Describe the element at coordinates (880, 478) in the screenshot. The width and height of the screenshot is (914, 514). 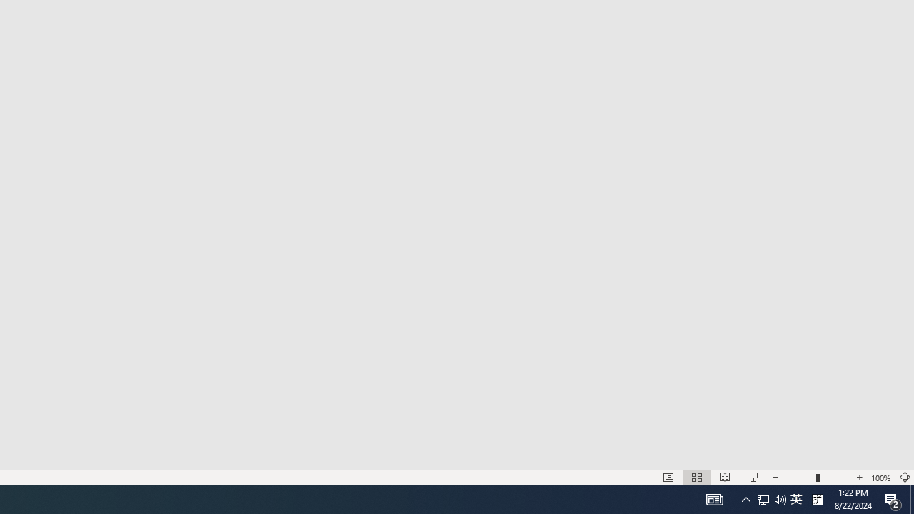
I see `'Zoom 100%'` at that location.